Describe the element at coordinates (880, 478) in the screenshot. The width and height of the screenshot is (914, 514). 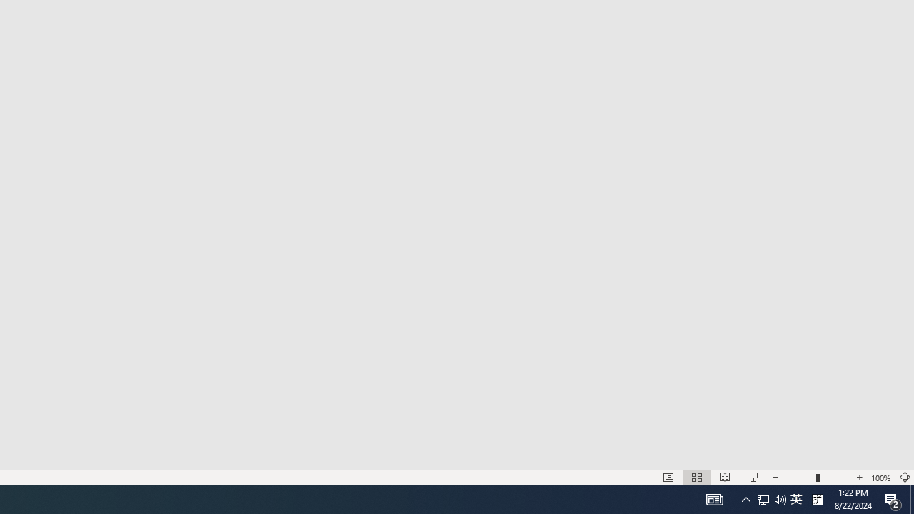
I see `'Zoom 100%'` at that location.